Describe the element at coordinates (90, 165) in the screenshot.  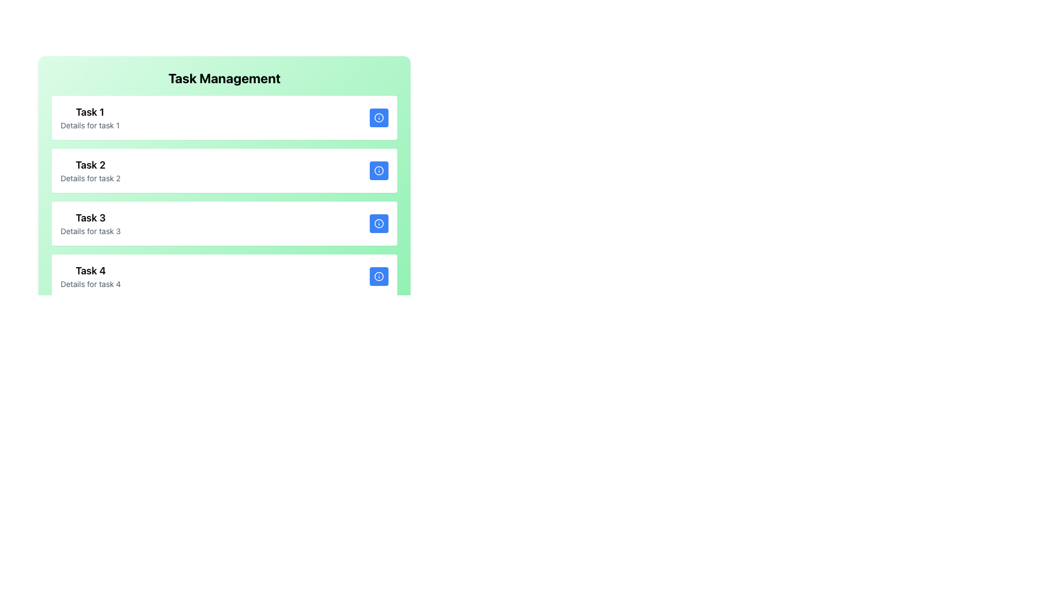
I see `the Text Label that serves as a title or heading for the second task, positioned above the details for task 2 within the second task card` at that location.